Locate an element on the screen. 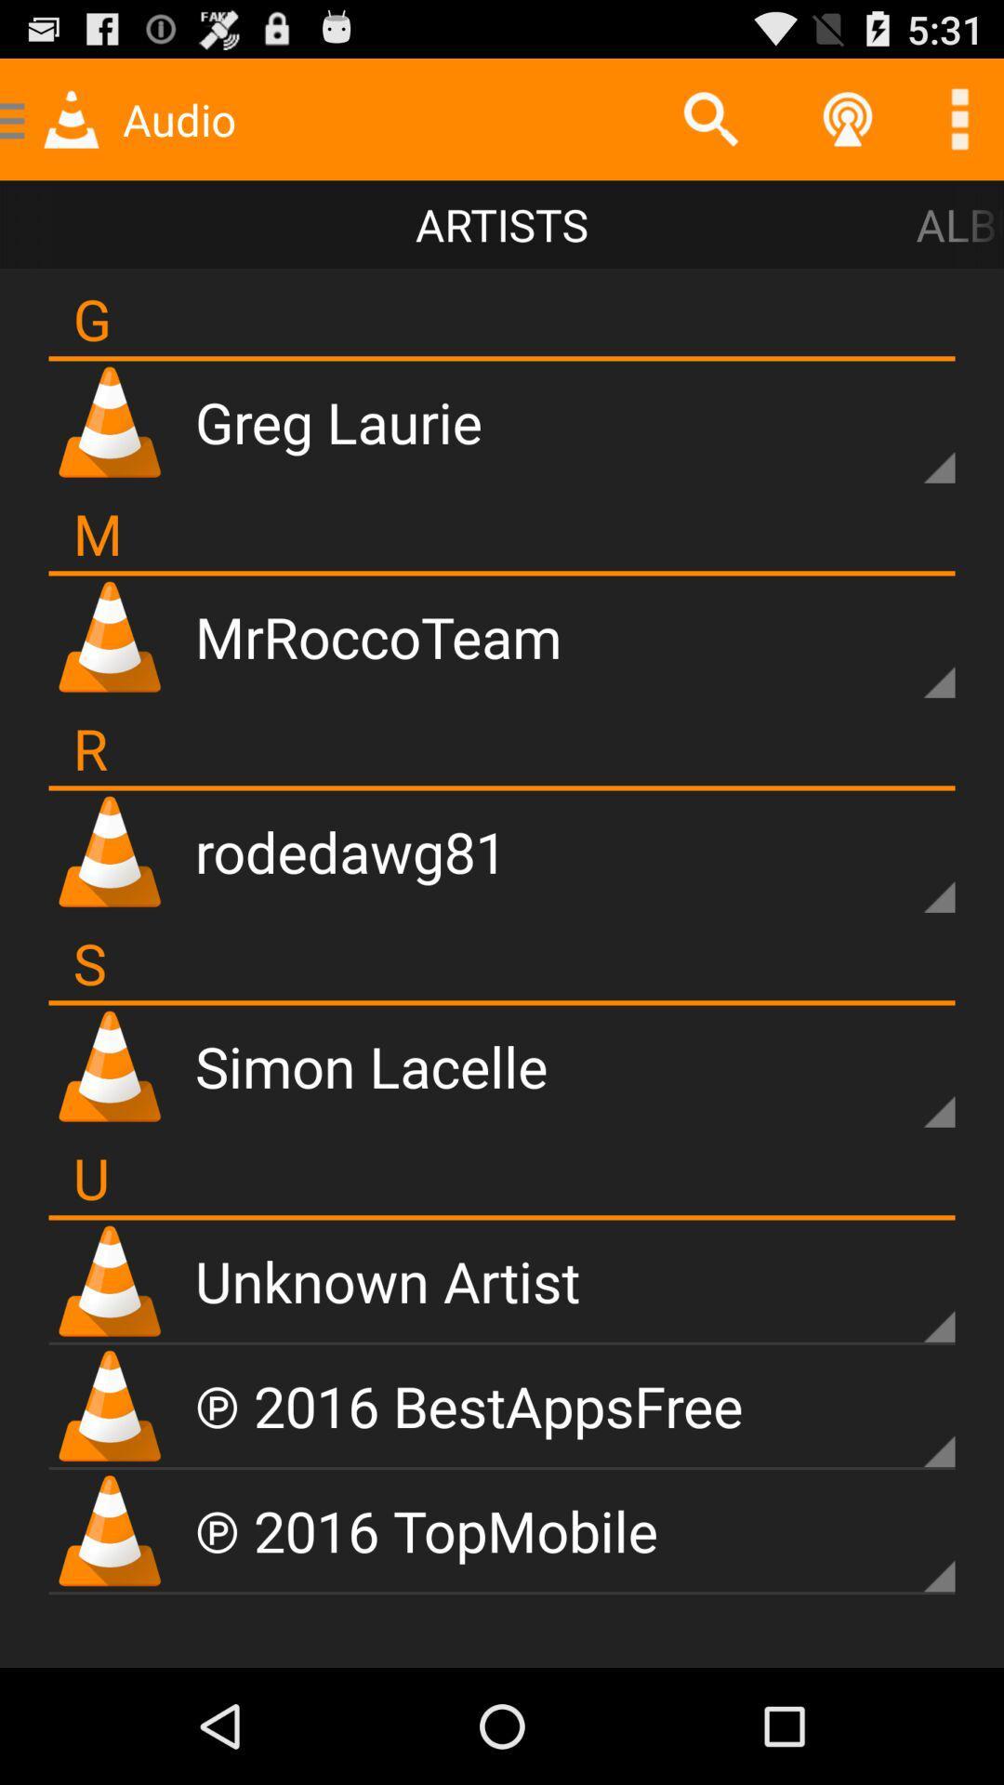 The width and height of the screenshot is (1004, 1785). simon lacelle is located at coordinates (371, 1065).